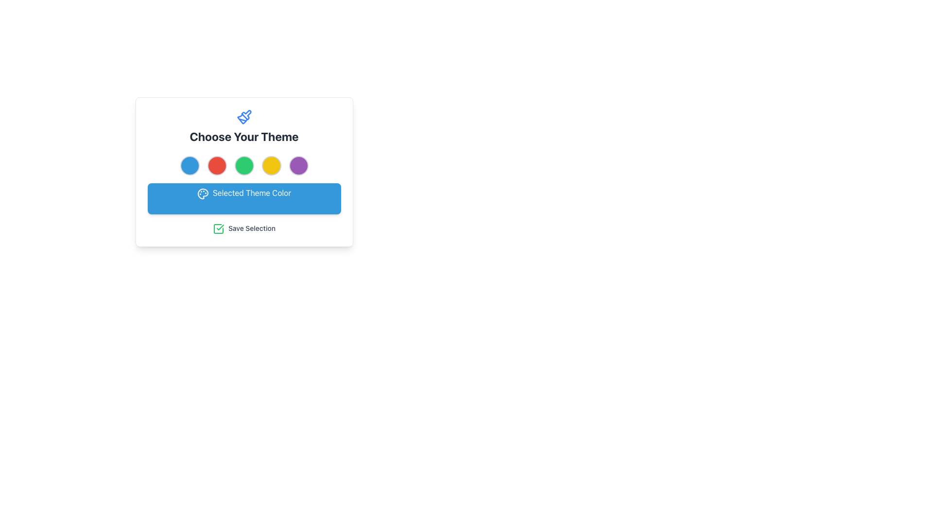  Describe the element at coordinates (298, 165) in the screenshot. I see `the fifth circular color selector located below the title 'Choose Your Theme'` at that location.